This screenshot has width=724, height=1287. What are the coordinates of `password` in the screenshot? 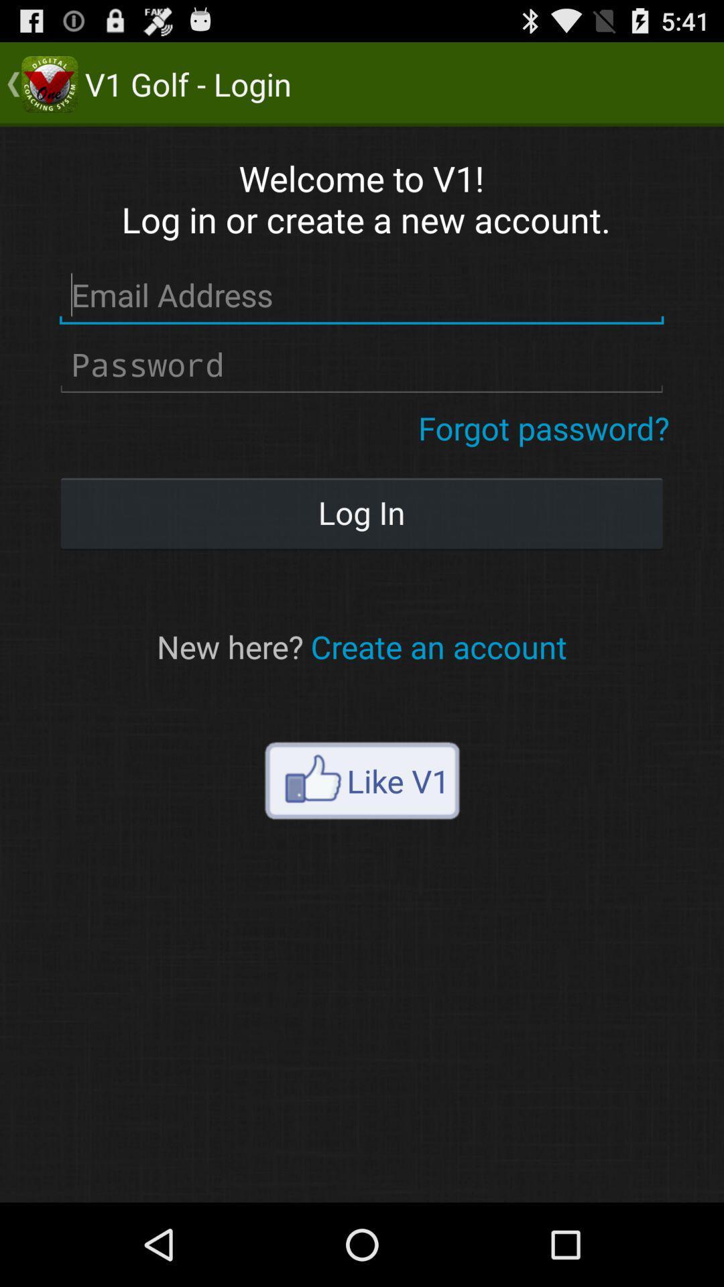 It's located at (361, 365).